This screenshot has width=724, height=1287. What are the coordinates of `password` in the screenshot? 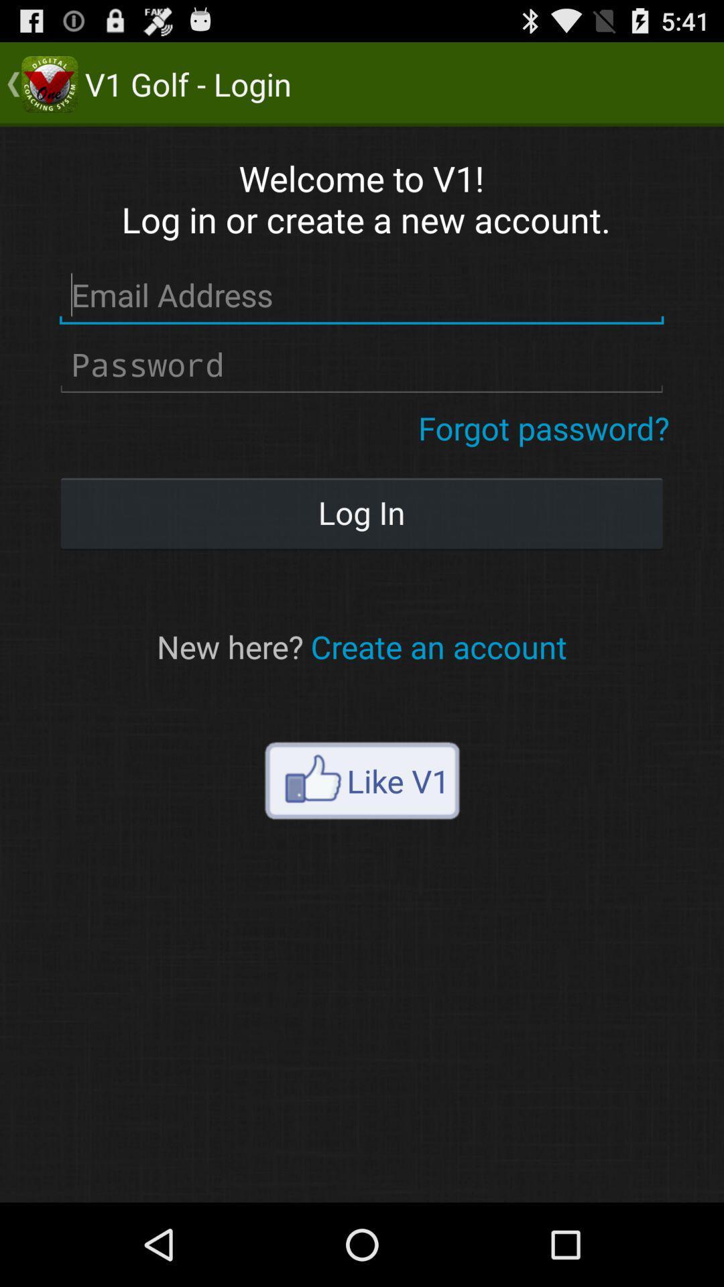 It's located at (361, 365).